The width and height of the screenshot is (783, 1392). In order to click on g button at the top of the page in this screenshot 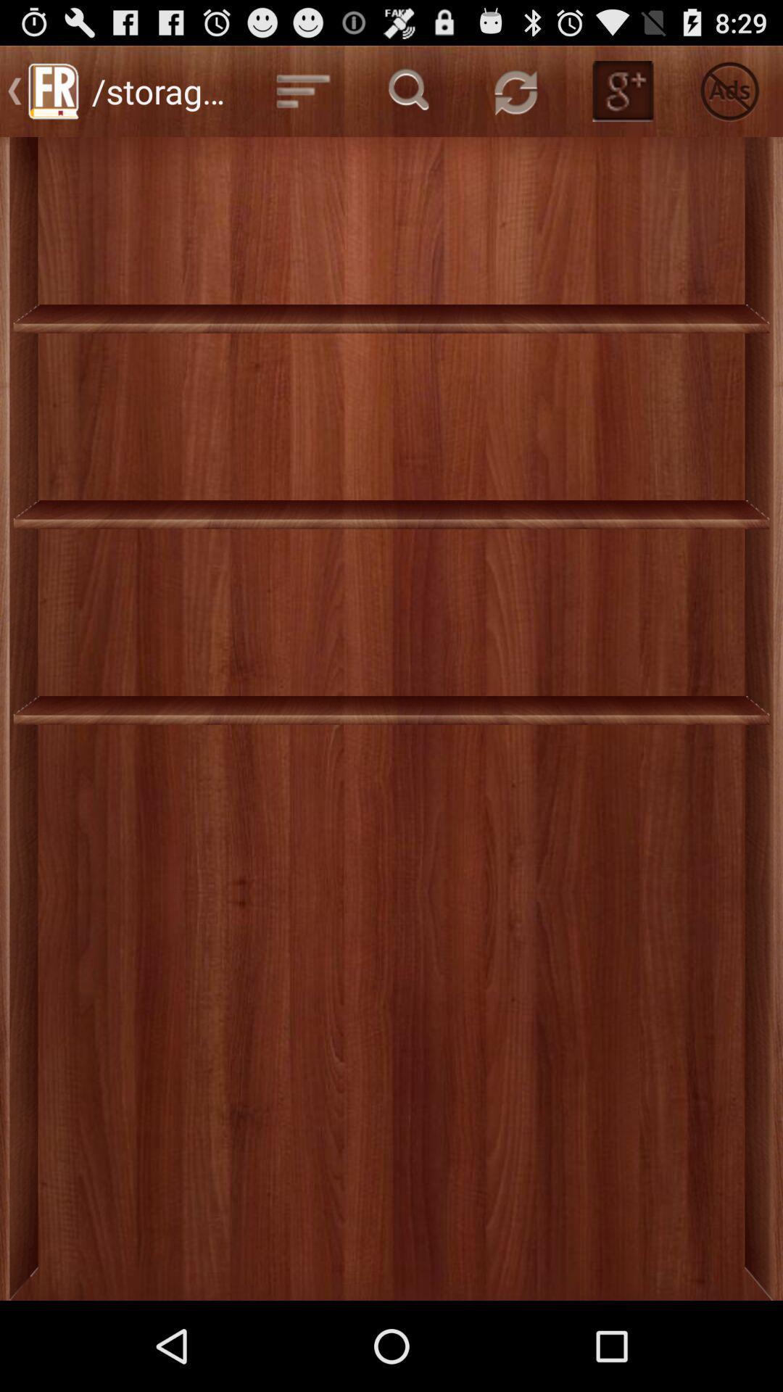, I will do `click(622, 90)`.